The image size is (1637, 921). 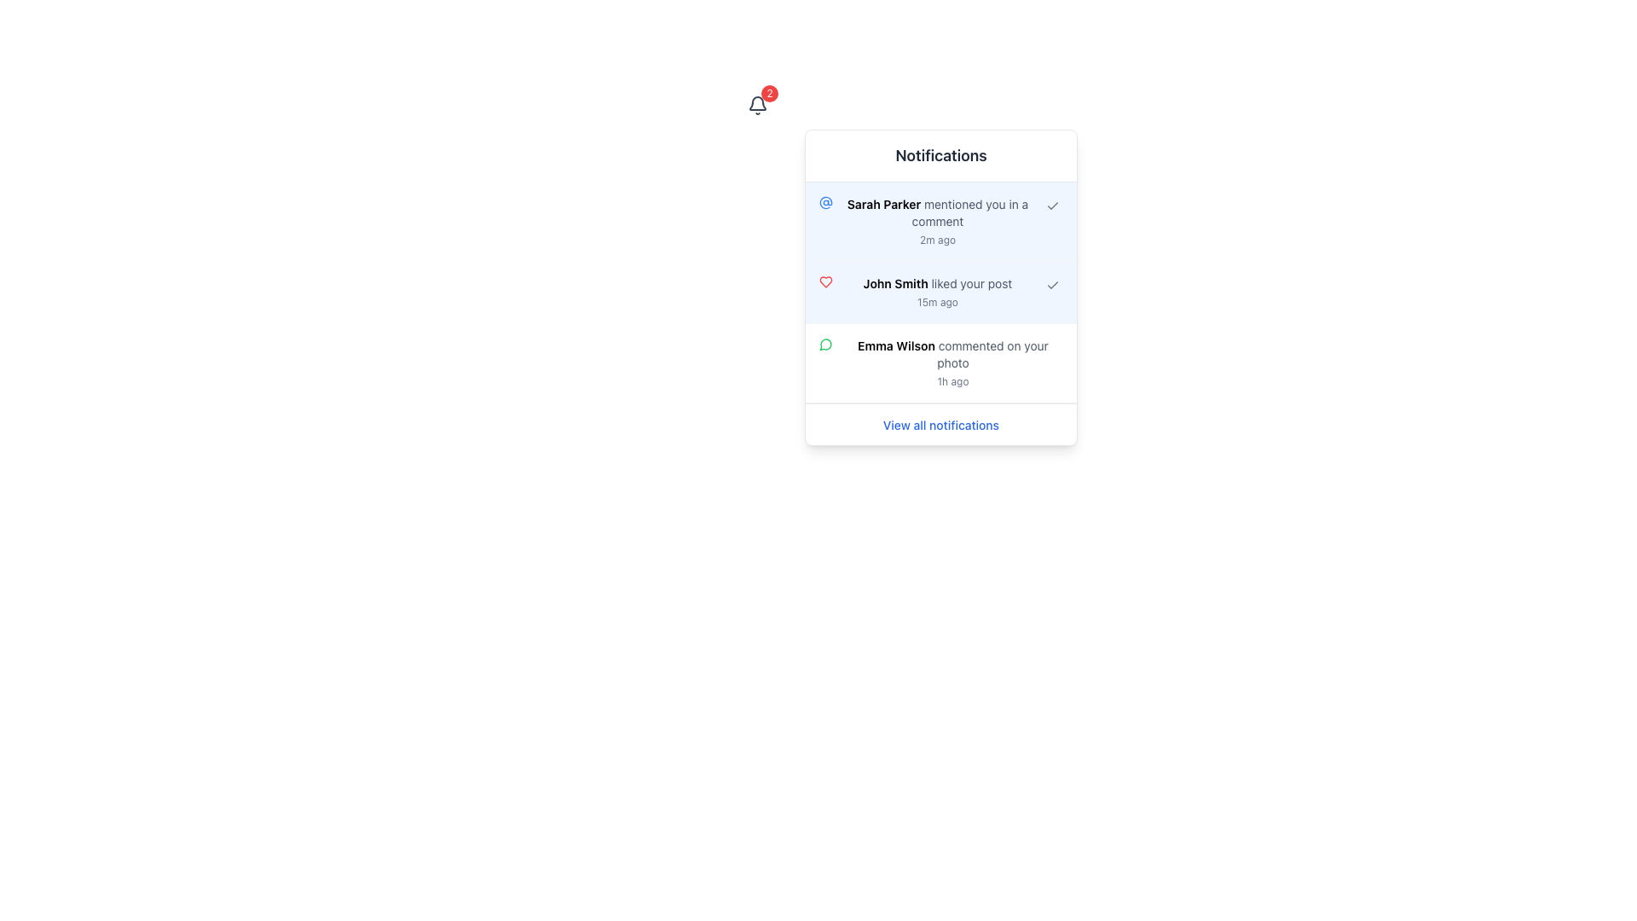 What do you see at coordinates (940, 292) in the screenshot?
I see `the second notification card in the notifications feed that informs the user that 'John Smith' liked their post 15 minutes ago` at bounding box center [940, 292].